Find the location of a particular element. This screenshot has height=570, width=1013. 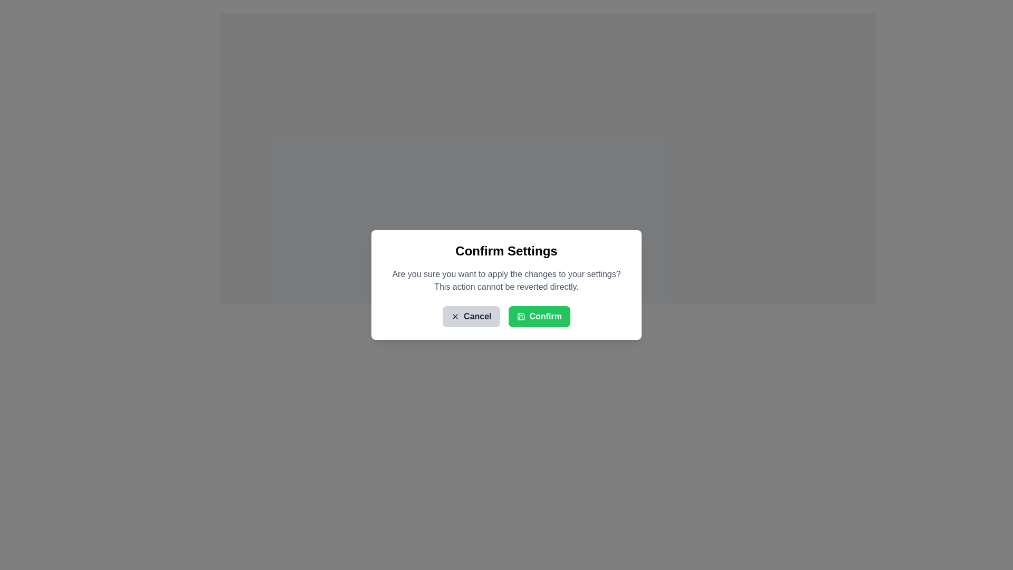

the green 'Confirm' button with a white save icon to observe the hover effect is located at coordinates (539, 316).